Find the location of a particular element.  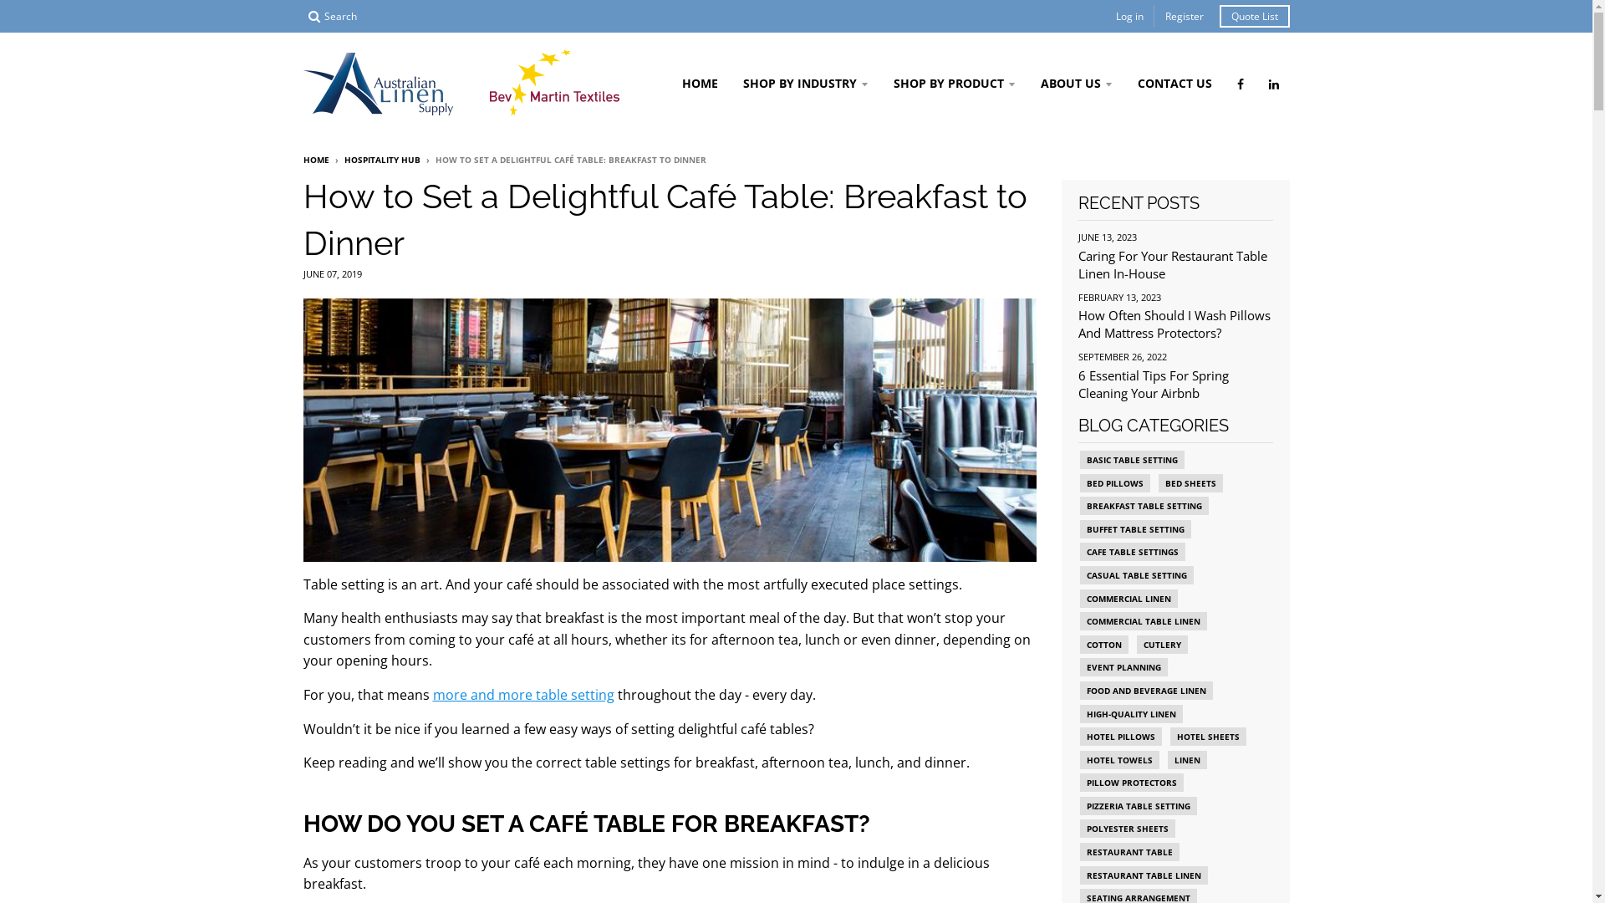

'Search' is located at coordinates (332, 16).